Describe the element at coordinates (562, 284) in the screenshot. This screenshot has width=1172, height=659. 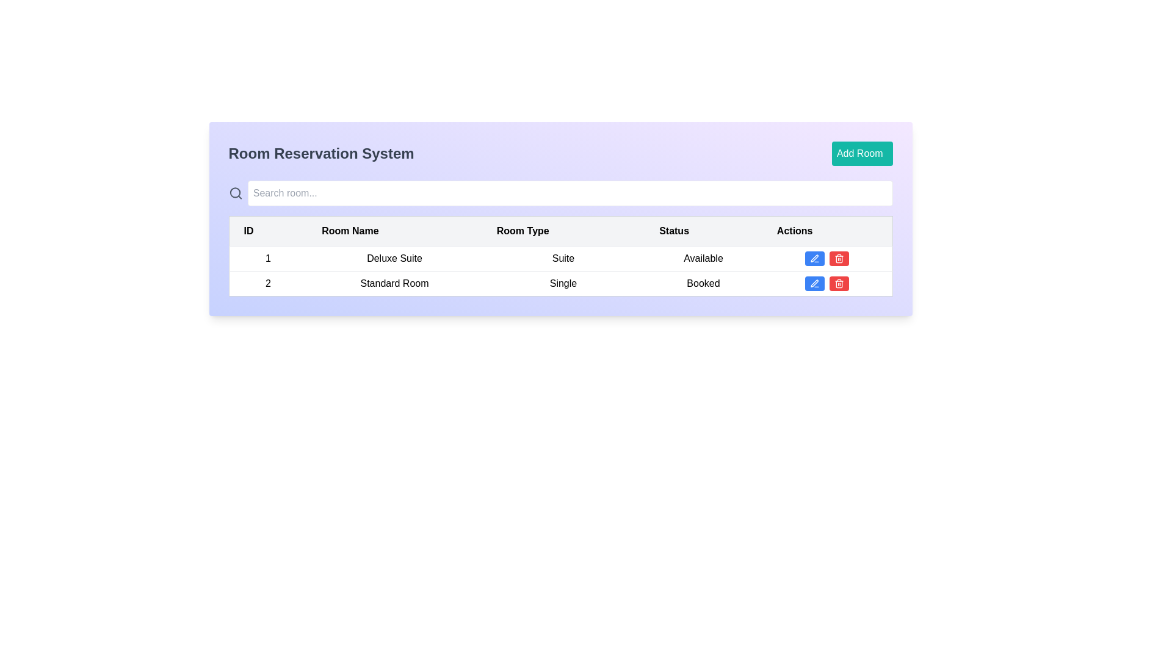
I see `the text label displaying 'Single', which is styled with padding, center-aligned, and located under the 'Room Type' column corresponding to 'Standard Room'` at that location.